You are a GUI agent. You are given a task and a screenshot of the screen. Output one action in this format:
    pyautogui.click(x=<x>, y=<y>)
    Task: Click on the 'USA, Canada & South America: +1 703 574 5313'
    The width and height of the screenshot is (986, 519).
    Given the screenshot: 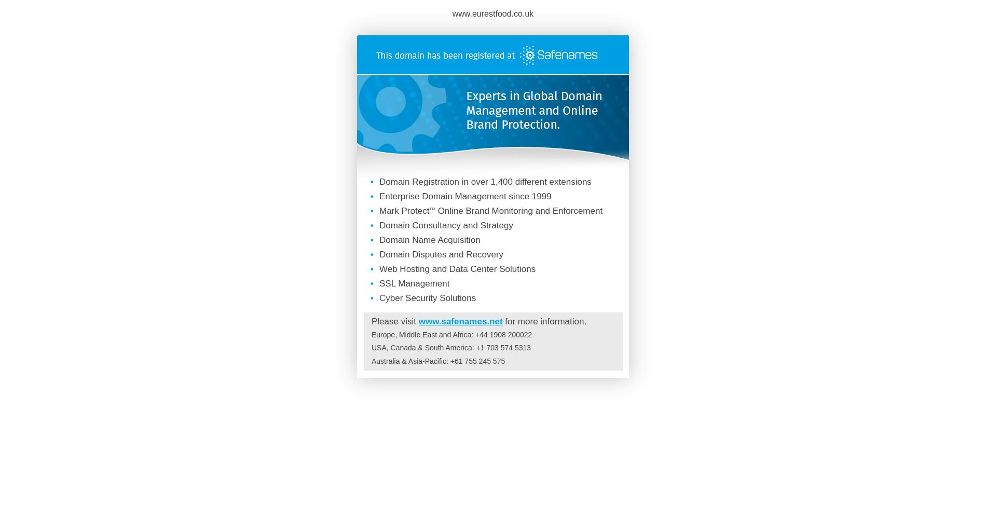 What is the action you would take?
    pyautogui.click(x=450, y=348)
    